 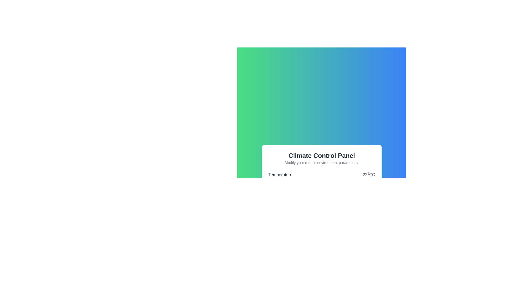 What do you see at coordinates (321, 158) in the screenshot?
I see `the text display element that shows the title and subtitle for the climate control section, which is located in a white panel with rounded corners` at bounding box center [321, 158].